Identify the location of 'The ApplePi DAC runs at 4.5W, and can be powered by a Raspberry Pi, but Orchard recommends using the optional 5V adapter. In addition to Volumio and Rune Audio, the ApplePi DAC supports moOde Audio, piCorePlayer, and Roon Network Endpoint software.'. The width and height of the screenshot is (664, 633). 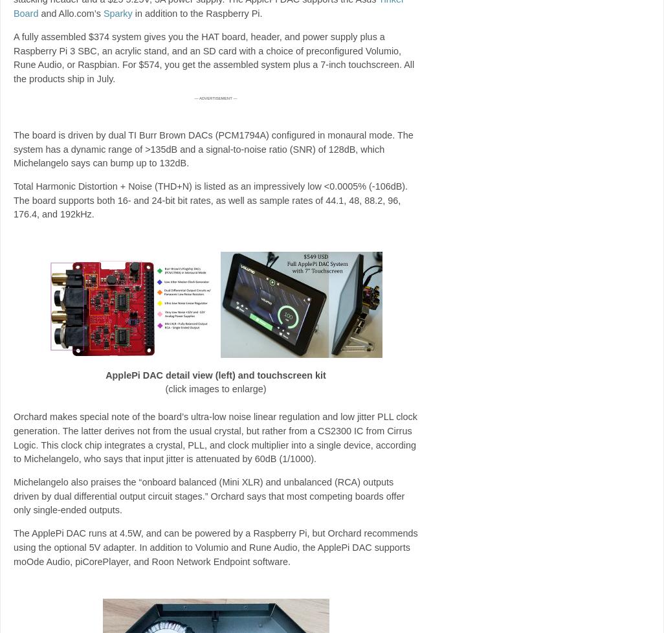
(216, 546).